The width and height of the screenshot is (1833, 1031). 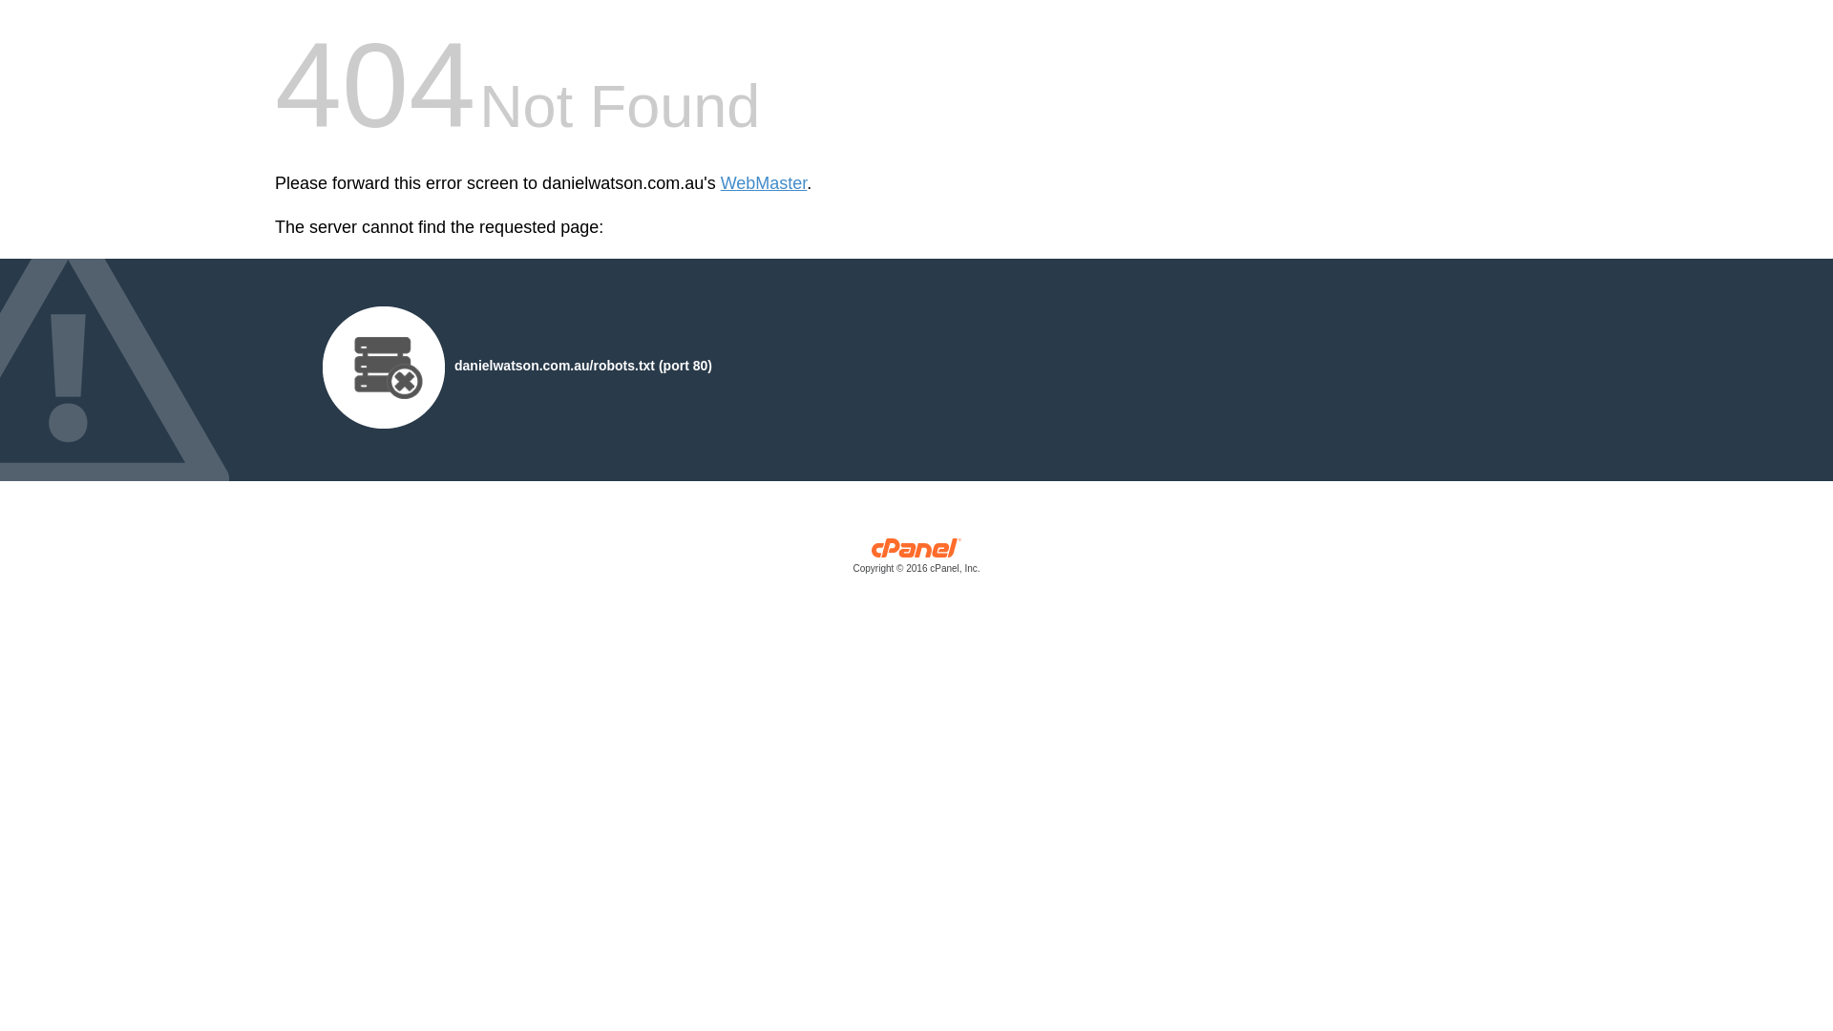 I want to click on 'WebMaster', so click(x=719, y=183).